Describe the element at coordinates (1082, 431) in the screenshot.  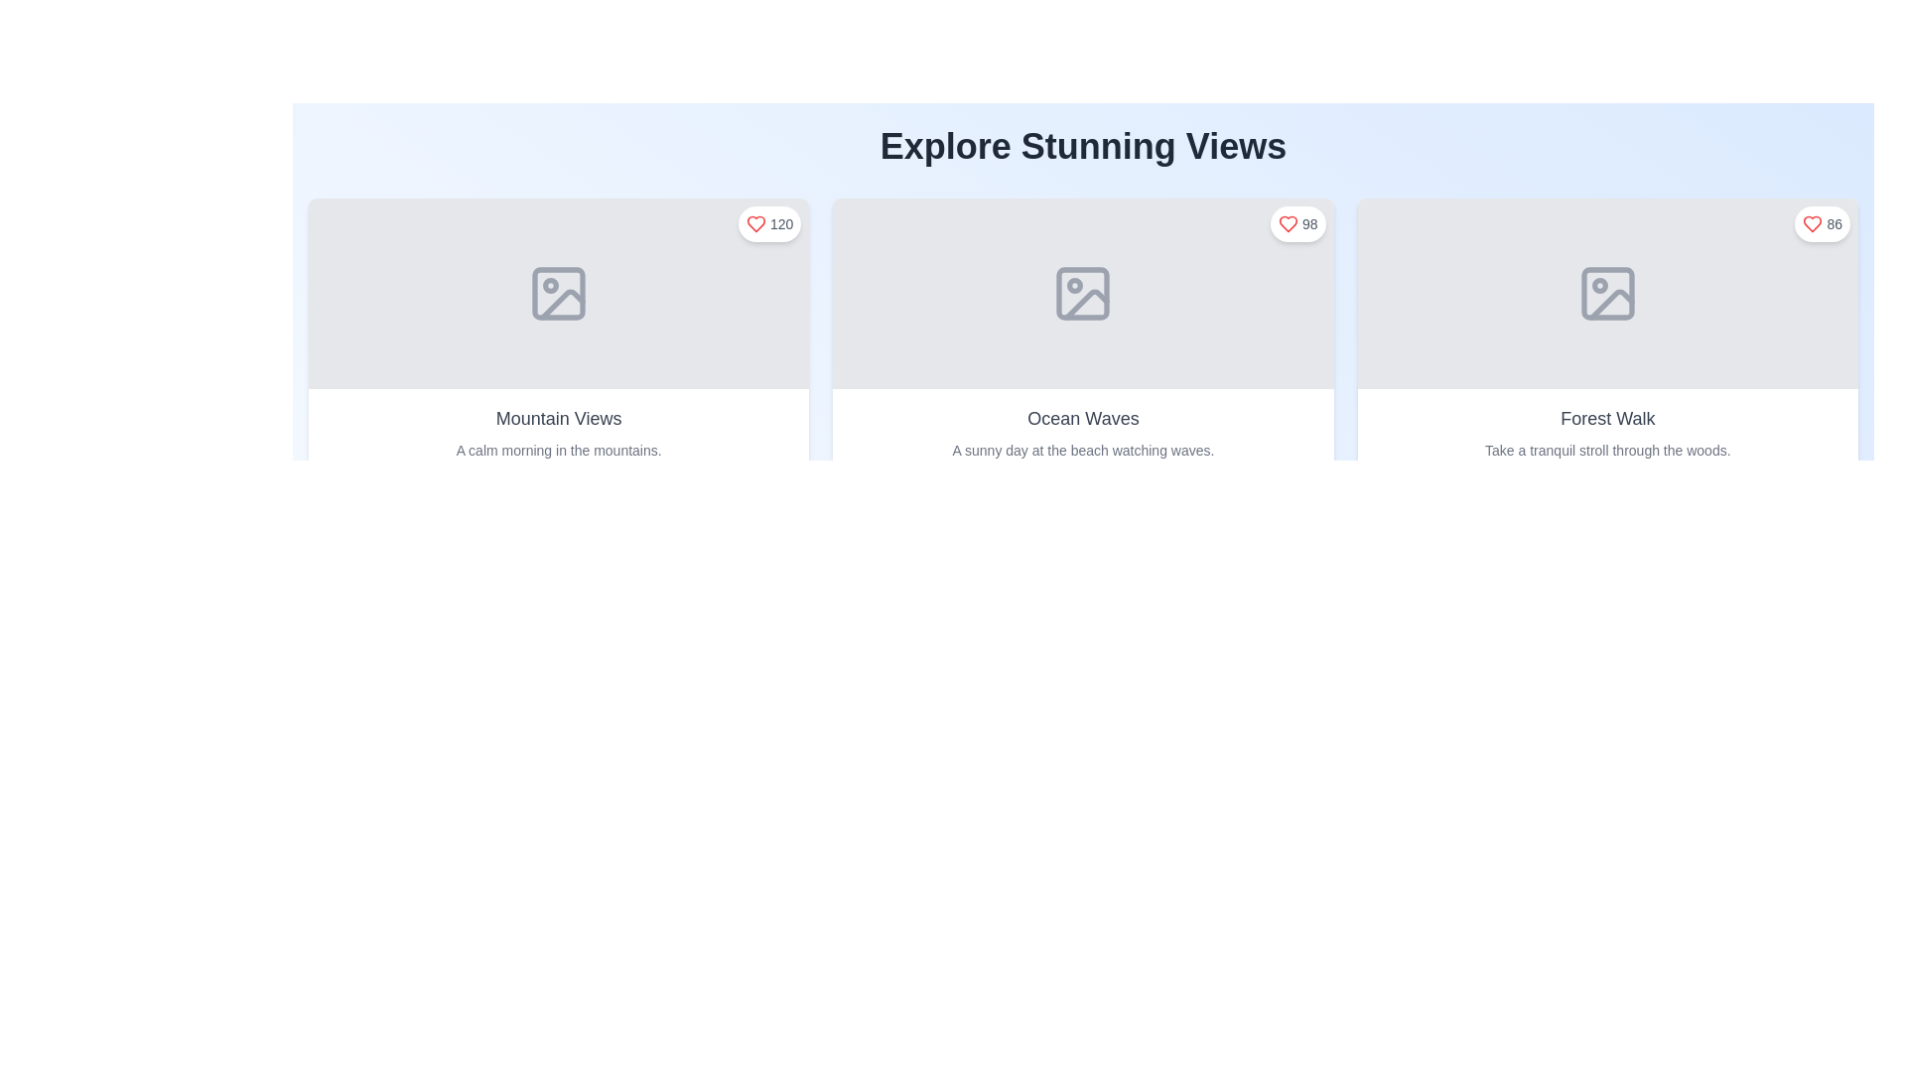
I see `the Label Section providing descriptive information about the visual representation in the middle card of the horizontal set titled 'Explore Stunning Views'` at that location.